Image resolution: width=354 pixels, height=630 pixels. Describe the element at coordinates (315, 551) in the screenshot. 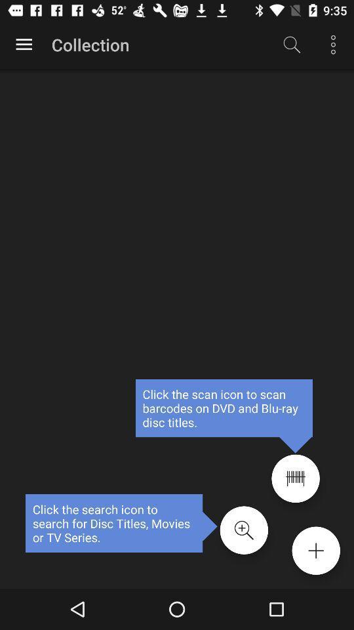

I see `the add icon` at that location.